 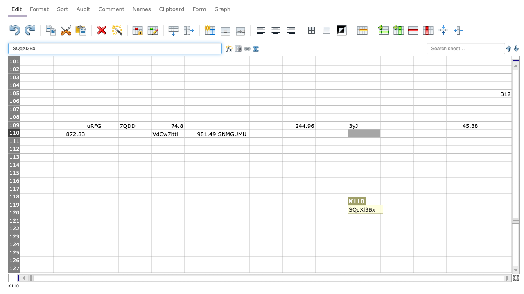 What do you see at coordinates (397, 212) in the screenshot?
I see `cell L120` at bounding box center [397, 212].